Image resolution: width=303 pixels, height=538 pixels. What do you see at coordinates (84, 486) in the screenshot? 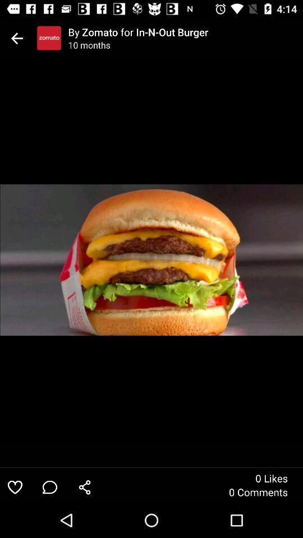
I see `icon to the left of 0 comments item` at bounding box center [84, 486].